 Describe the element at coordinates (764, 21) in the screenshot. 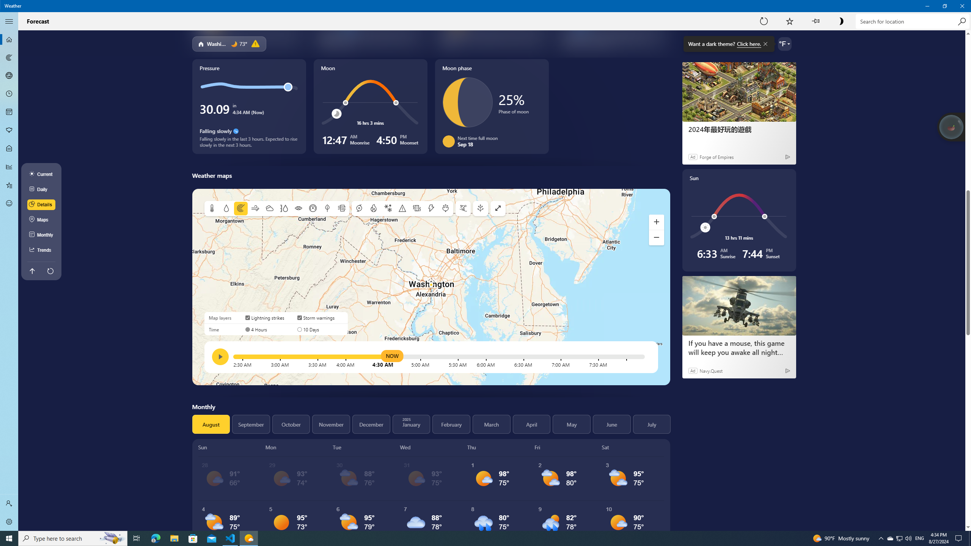

I see `'Refresh'` at that location.